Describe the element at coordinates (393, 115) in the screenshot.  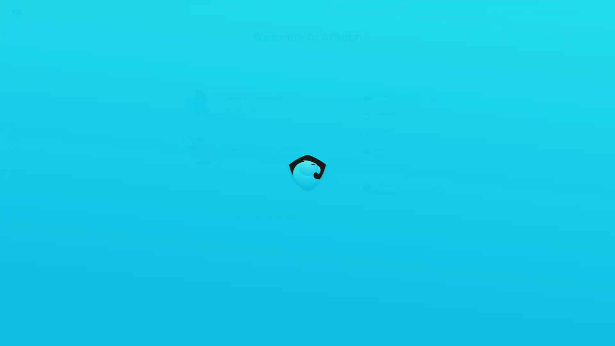
I see `BlankDAO DEMOCRACY` at that location.